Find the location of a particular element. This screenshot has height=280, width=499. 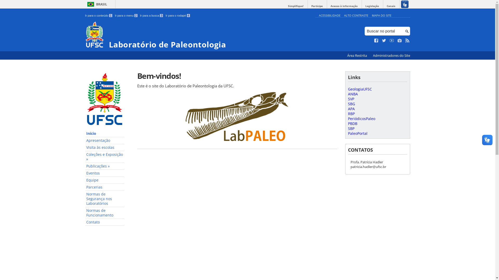

'PaleoPortal' is located at coordinates (357, 133).